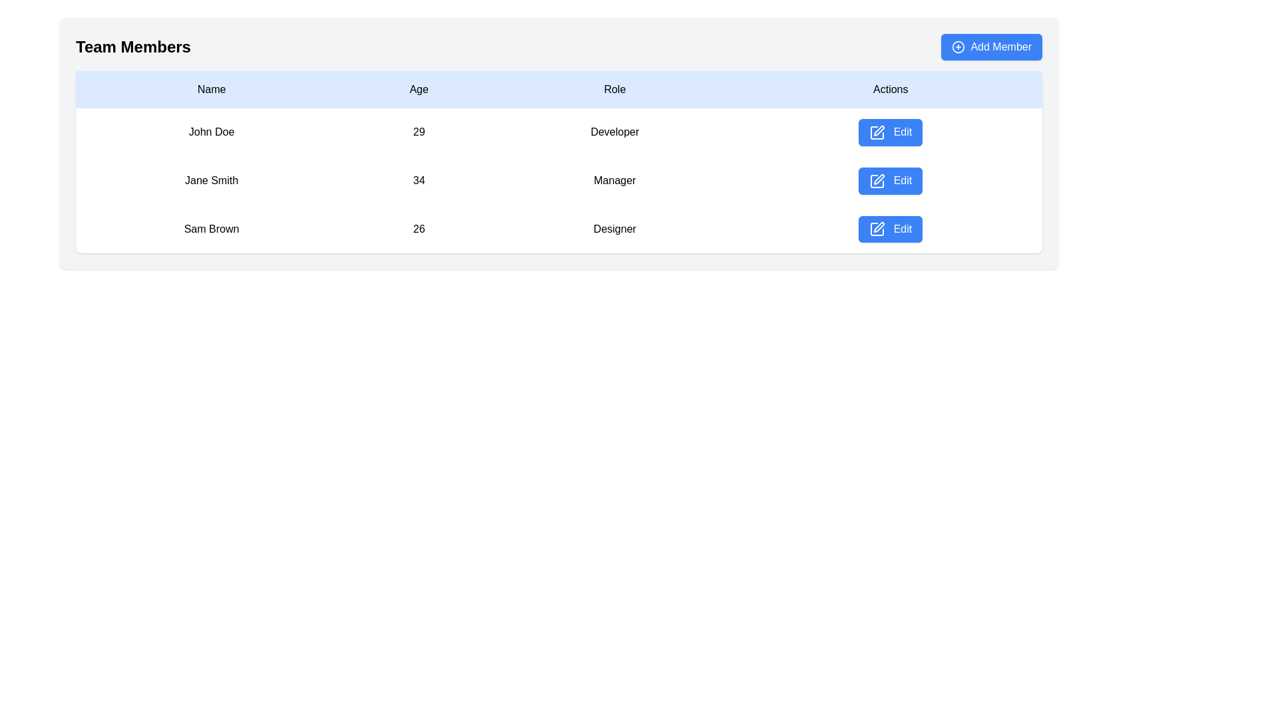 The image size is (1278, 718). What do you see at coordinates (614, 181) in the screenshot?
I see `the text element displaying 'Manager' in the third column of the second row of the table` at bounding box center [614, 181].